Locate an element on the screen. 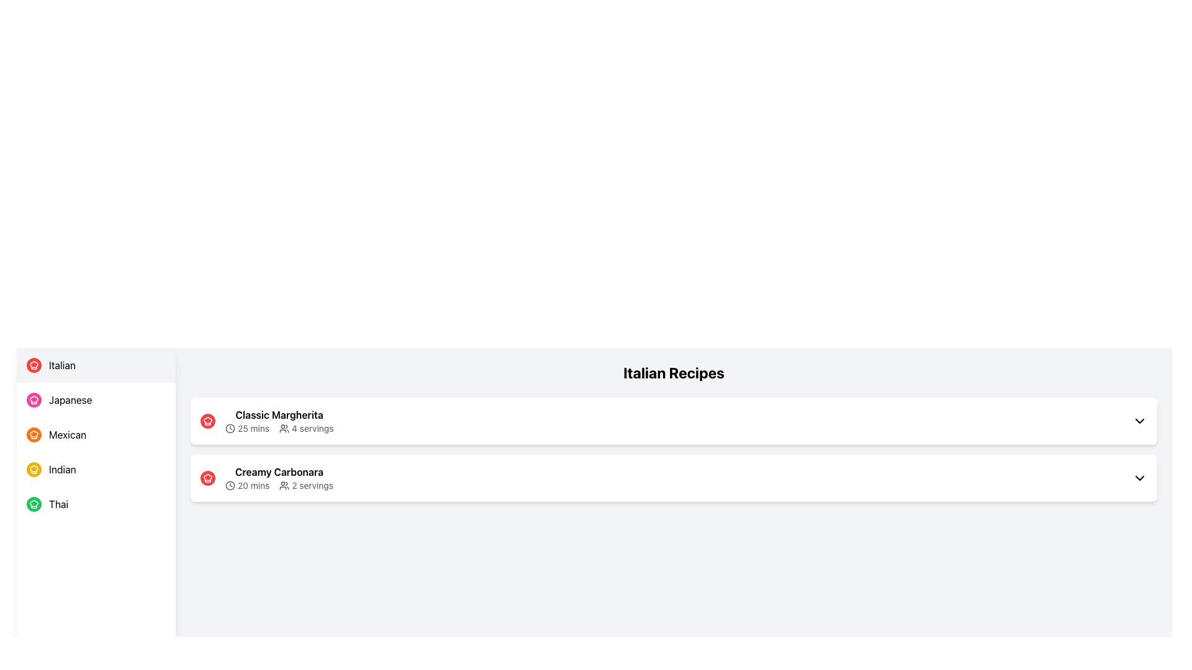 This screenshot has height=670, width=1192. the text-based informational component displaying '25 mins' and '4 servings' beneath the title 'Classic Margherita' in the 'Italian Recipes' section is located at coordinates (279, 427).